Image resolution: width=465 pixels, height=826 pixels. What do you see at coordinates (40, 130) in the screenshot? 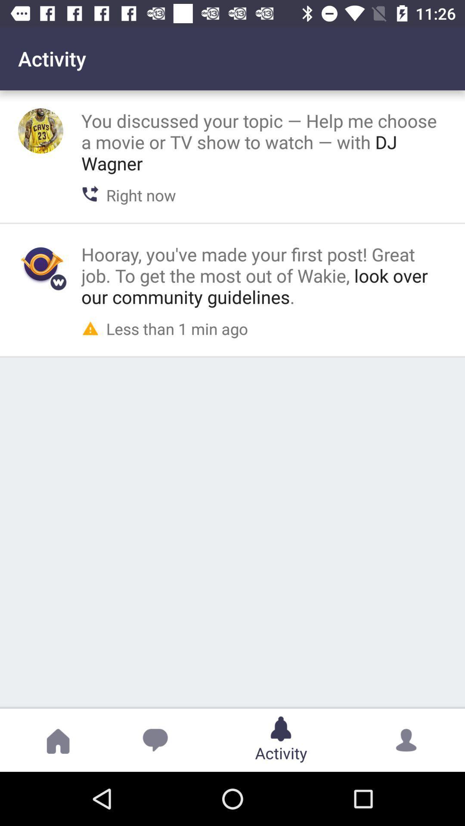
I see `share the article` at bounding box center [40, 130].